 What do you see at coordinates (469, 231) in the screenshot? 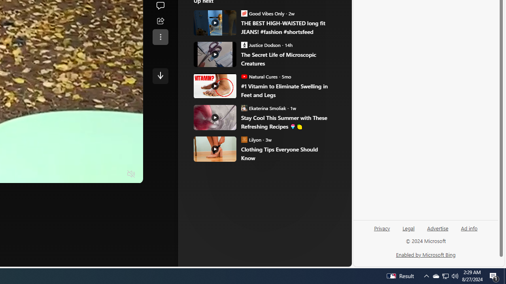
I see `'Ad info'` at bounding box center [469, 231].